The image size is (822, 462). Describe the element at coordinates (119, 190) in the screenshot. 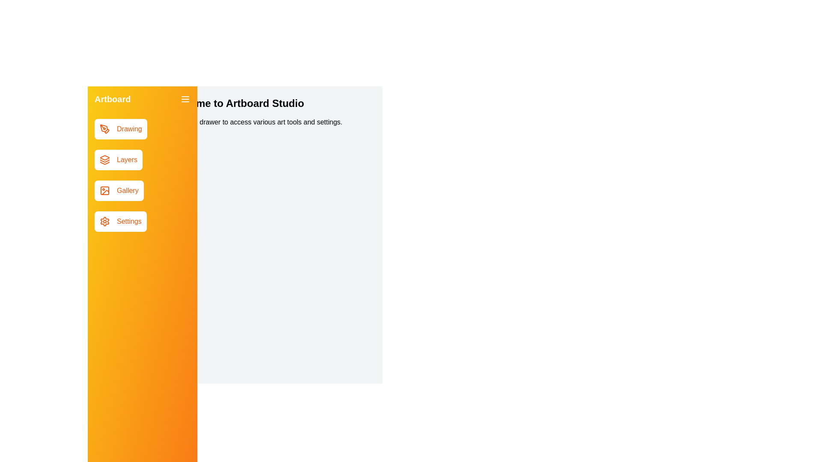

I see `the gallery tool button` at that location.